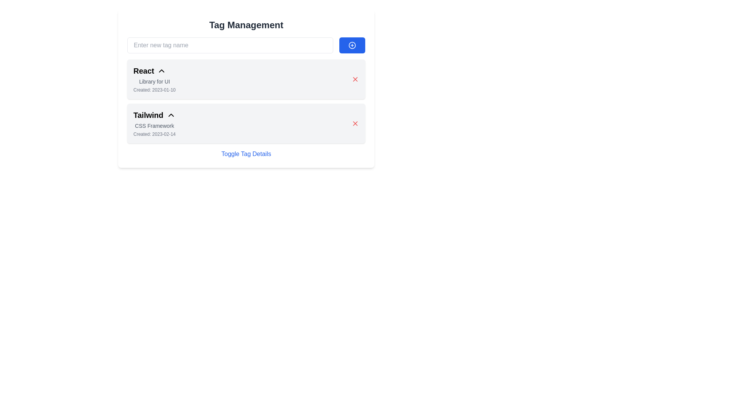 Image resolution: width=732 pixels, height=412 pixels. I want to click on the small upward-pointing chevron icon located to the right of the text 'Tailwind', so click(170, 115).